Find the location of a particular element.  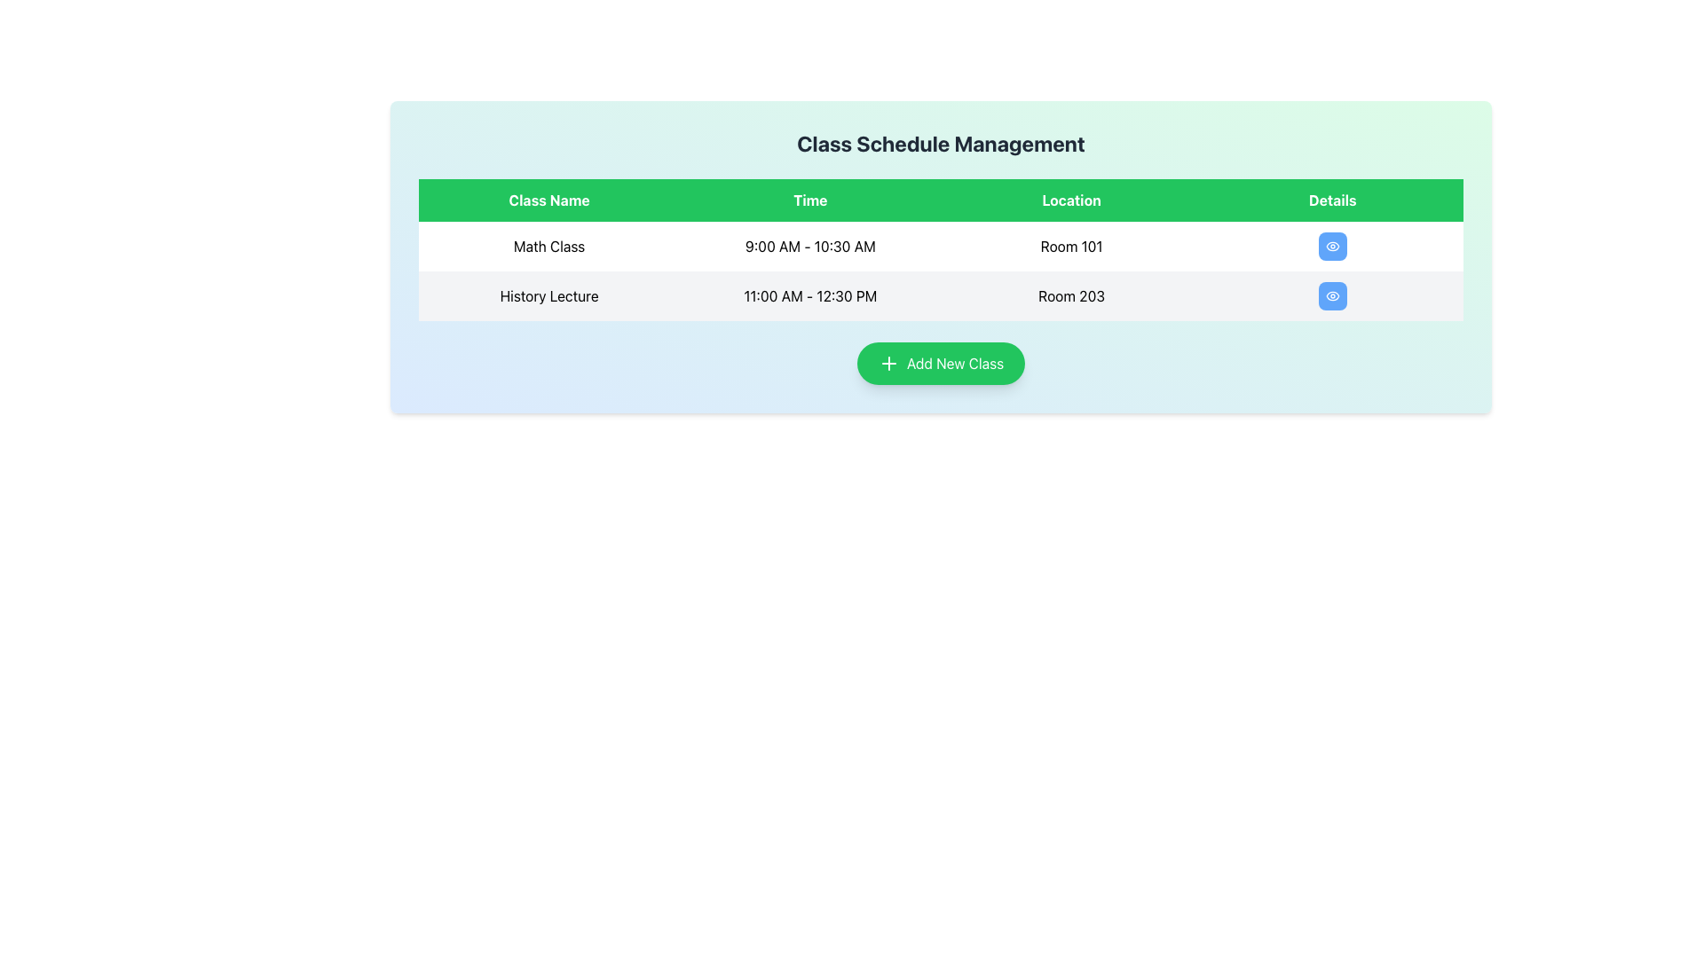

the text label displaying 'Class Schedule Management', which is a bold, large font title centered at the top of the interface is located at coordinates (940, 143).